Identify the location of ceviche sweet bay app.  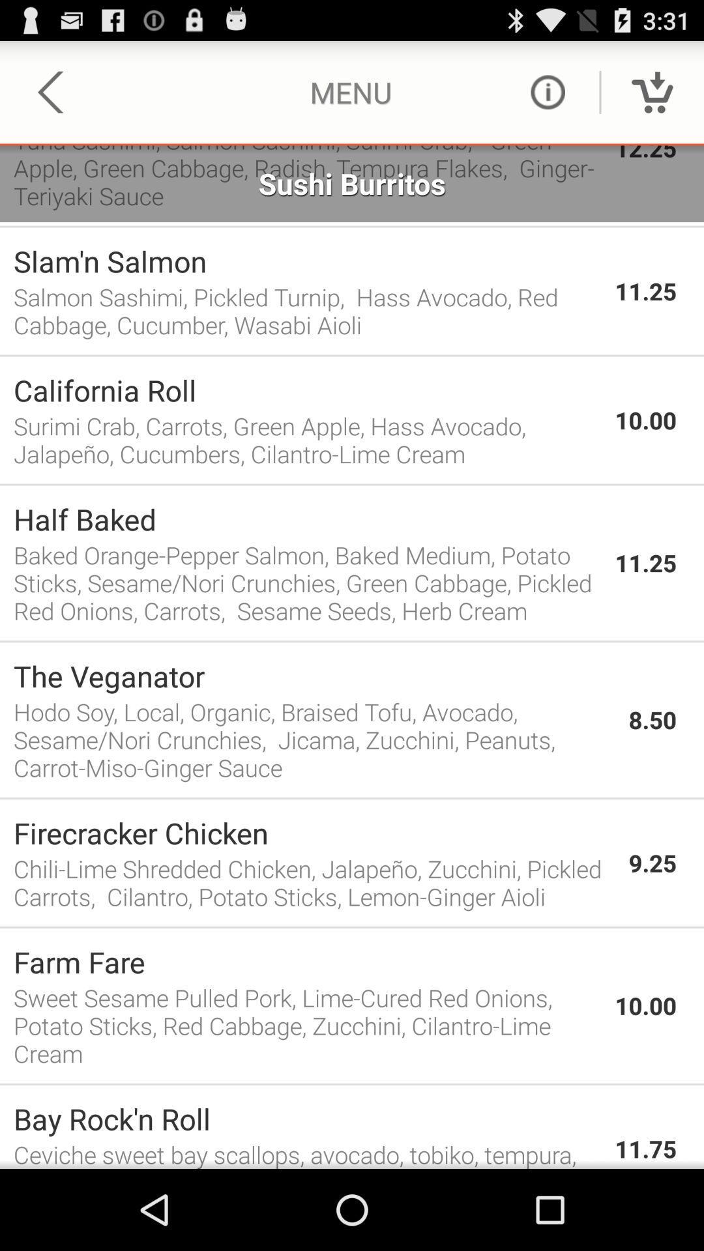
(307, 1153).